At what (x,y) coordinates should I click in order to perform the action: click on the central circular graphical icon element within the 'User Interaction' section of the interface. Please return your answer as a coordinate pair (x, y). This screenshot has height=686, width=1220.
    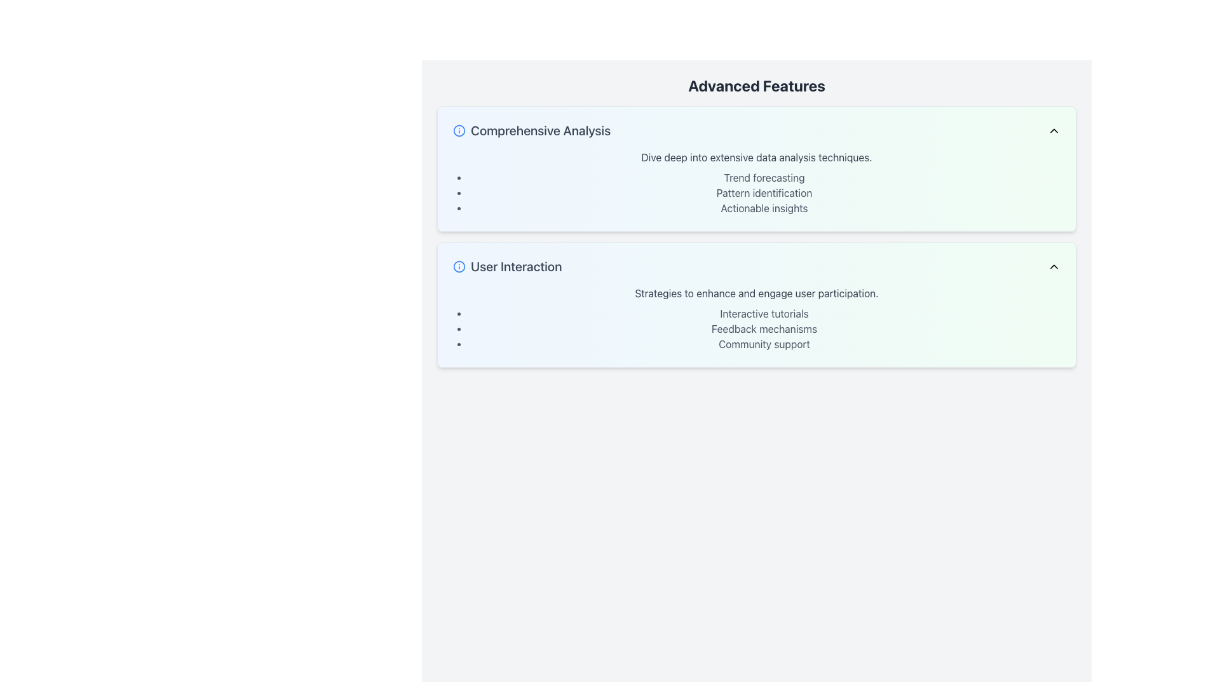
    Looking at the image, I should click on (459, 266).